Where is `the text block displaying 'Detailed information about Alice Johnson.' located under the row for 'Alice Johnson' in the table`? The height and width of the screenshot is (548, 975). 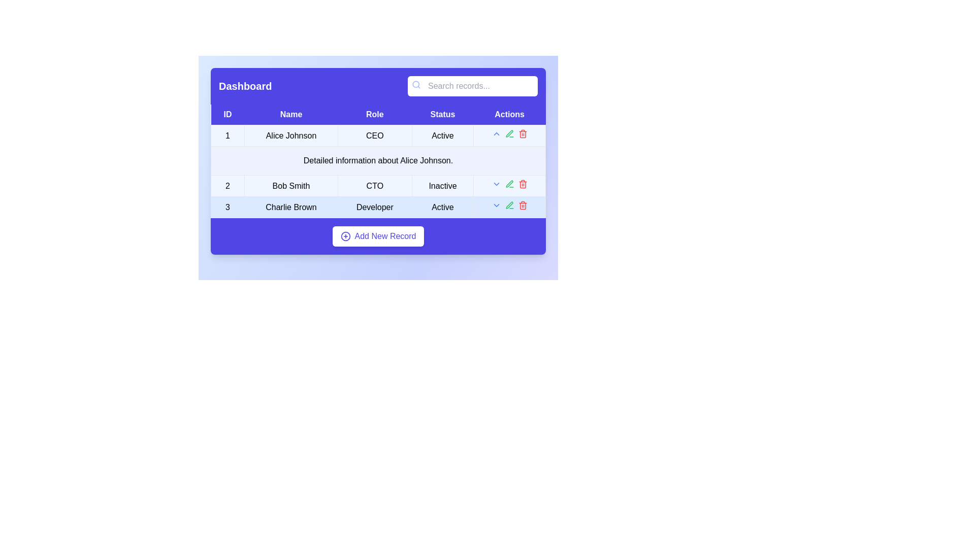
the text block displaying 'Detailed information about Alice Johnson.' located under the row for 'Alice Johnson' in the table is located at coordinates (377, 160).